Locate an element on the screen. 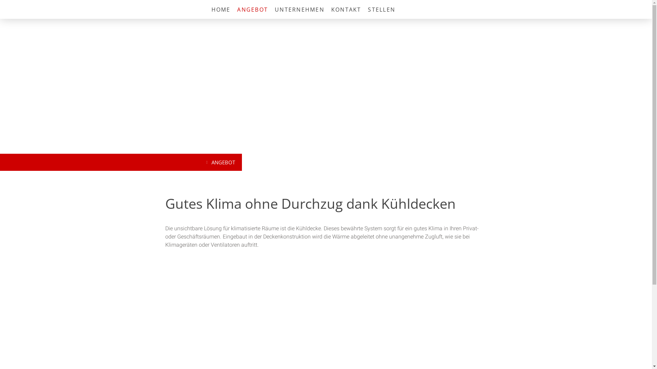 The image size is (657, 369). 'ANGEBOT' is located at coordinates (252, 9).